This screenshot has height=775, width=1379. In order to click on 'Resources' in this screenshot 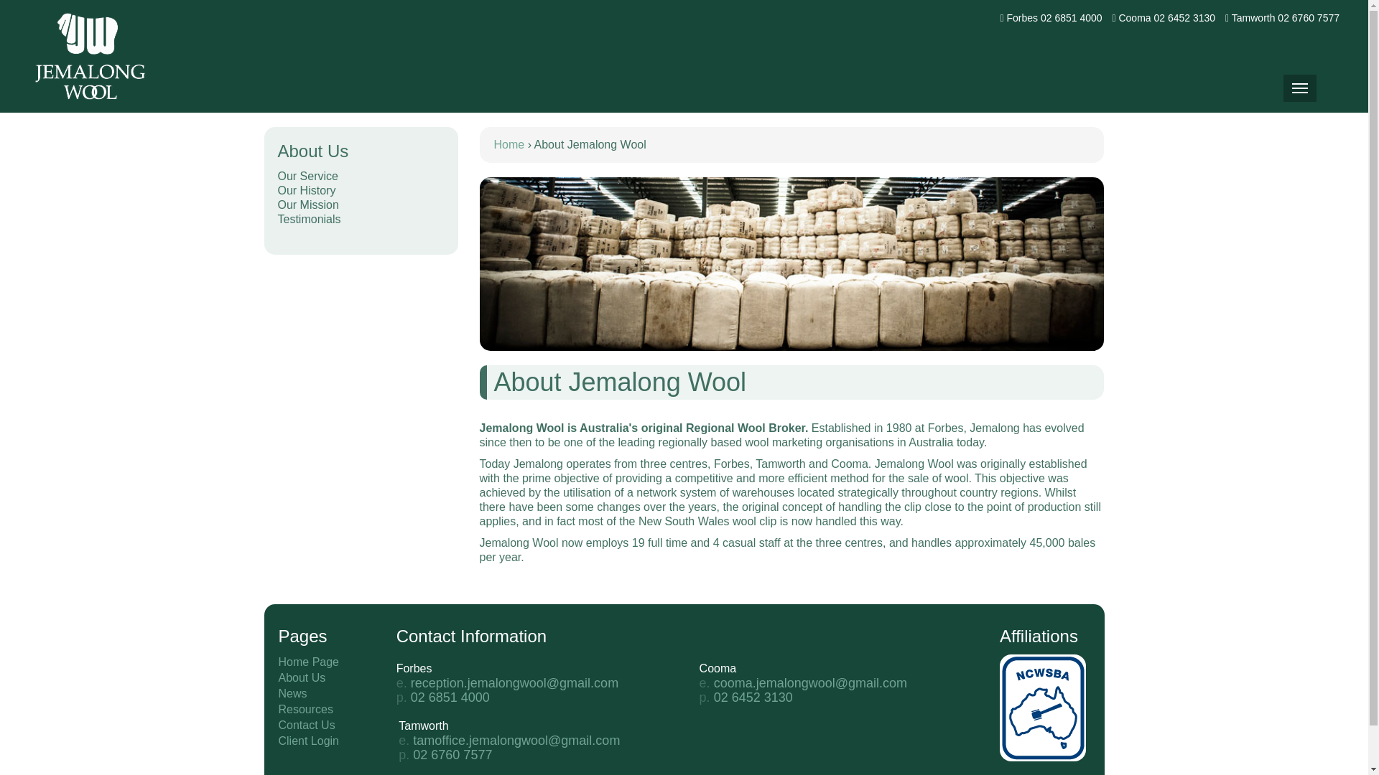, I will do `click(305, 708)`.